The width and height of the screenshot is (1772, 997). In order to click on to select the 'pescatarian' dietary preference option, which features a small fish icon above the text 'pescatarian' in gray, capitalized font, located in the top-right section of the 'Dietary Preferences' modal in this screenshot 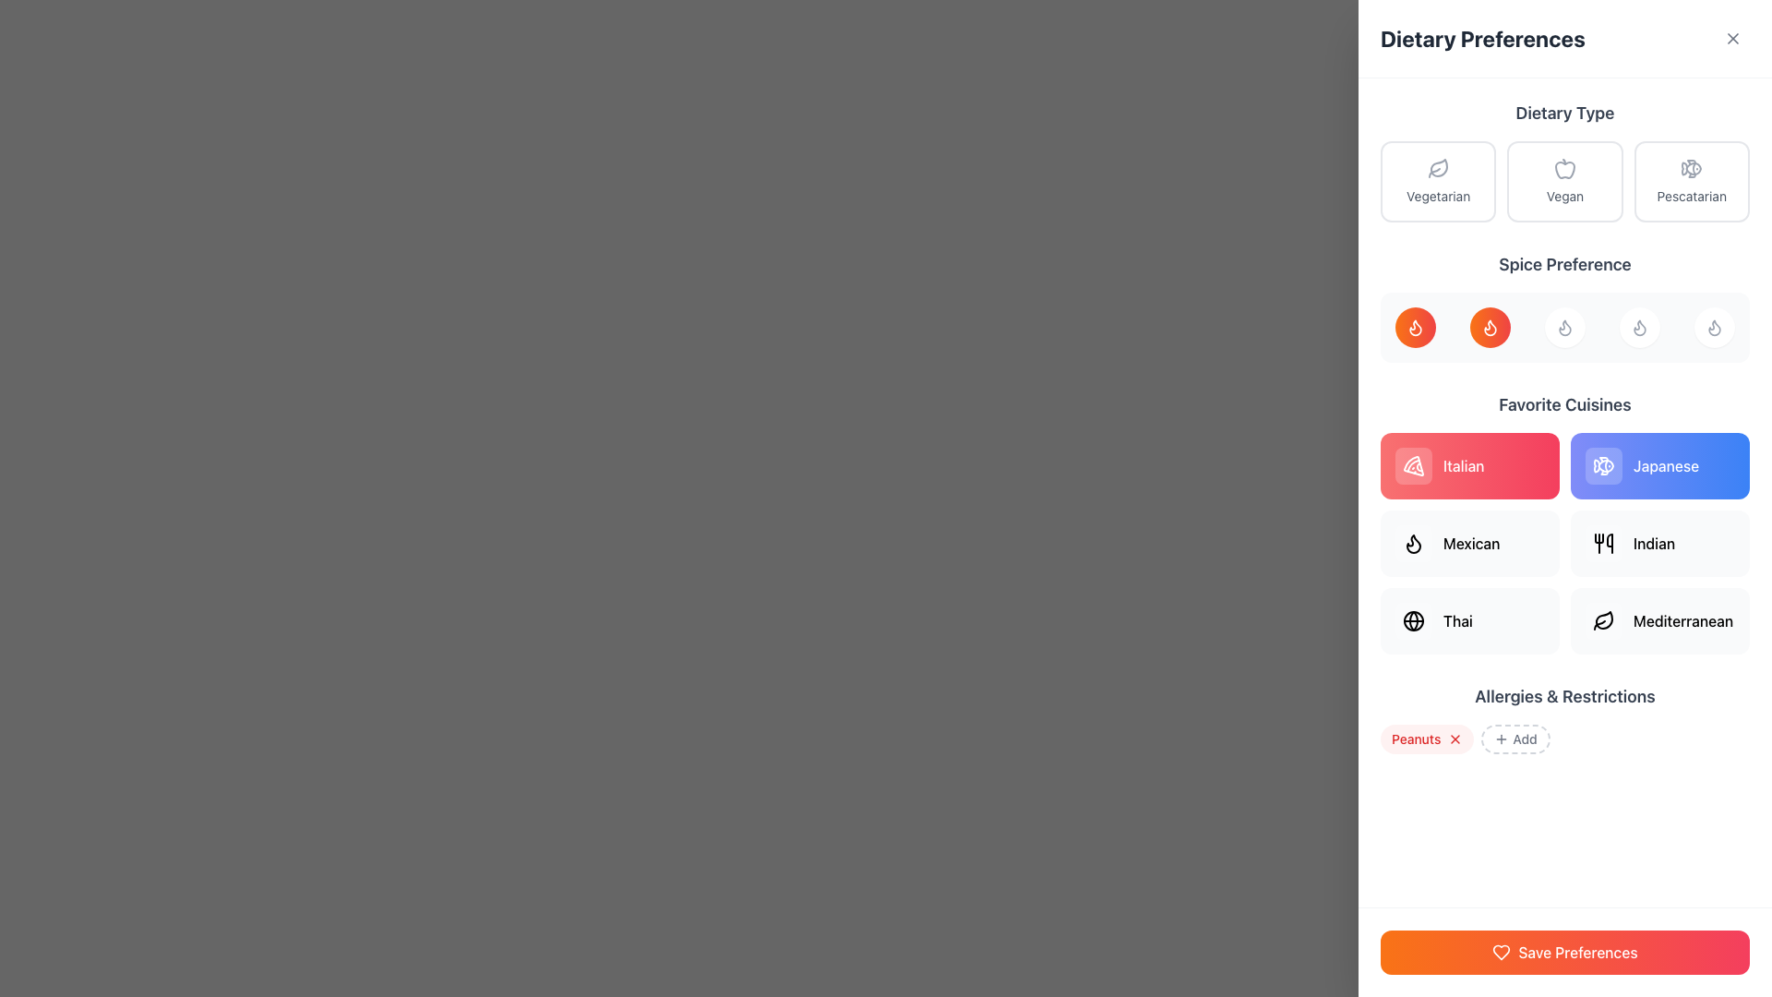, I will do `click(1692, 181)`.